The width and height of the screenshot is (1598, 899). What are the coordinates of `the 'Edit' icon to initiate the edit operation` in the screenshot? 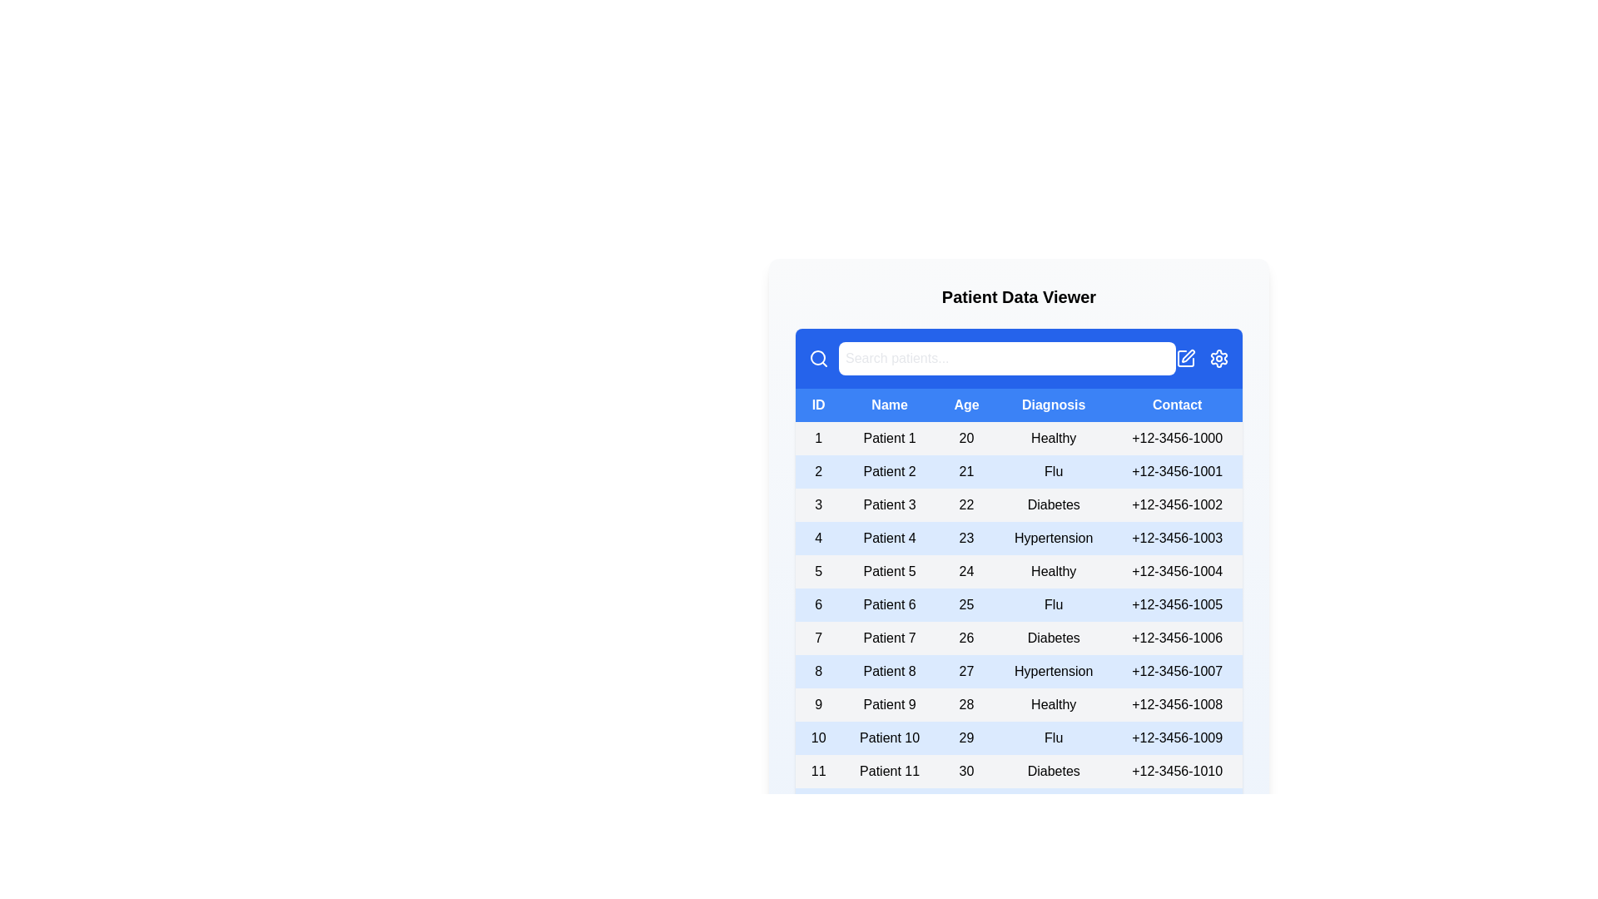 It's located at (1185, 358).